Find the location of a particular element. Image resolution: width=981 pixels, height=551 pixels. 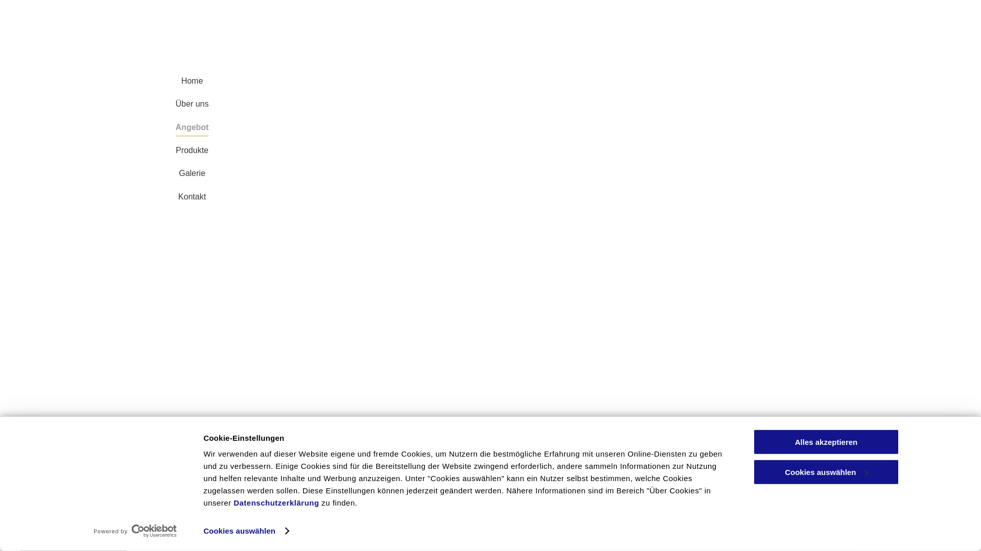

'Coiffure Elsbeth Meier' is located at coordinates (92, 435).